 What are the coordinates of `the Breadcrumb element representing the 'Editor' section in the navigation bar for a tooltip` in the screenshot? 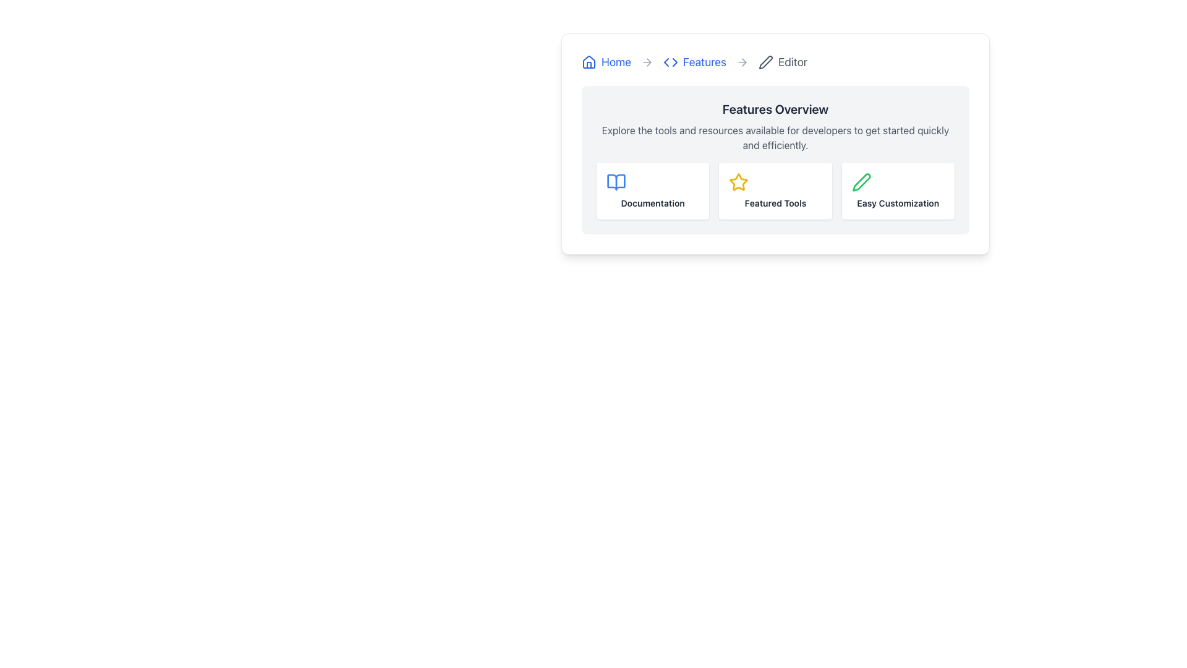 It's located at (782, 62).